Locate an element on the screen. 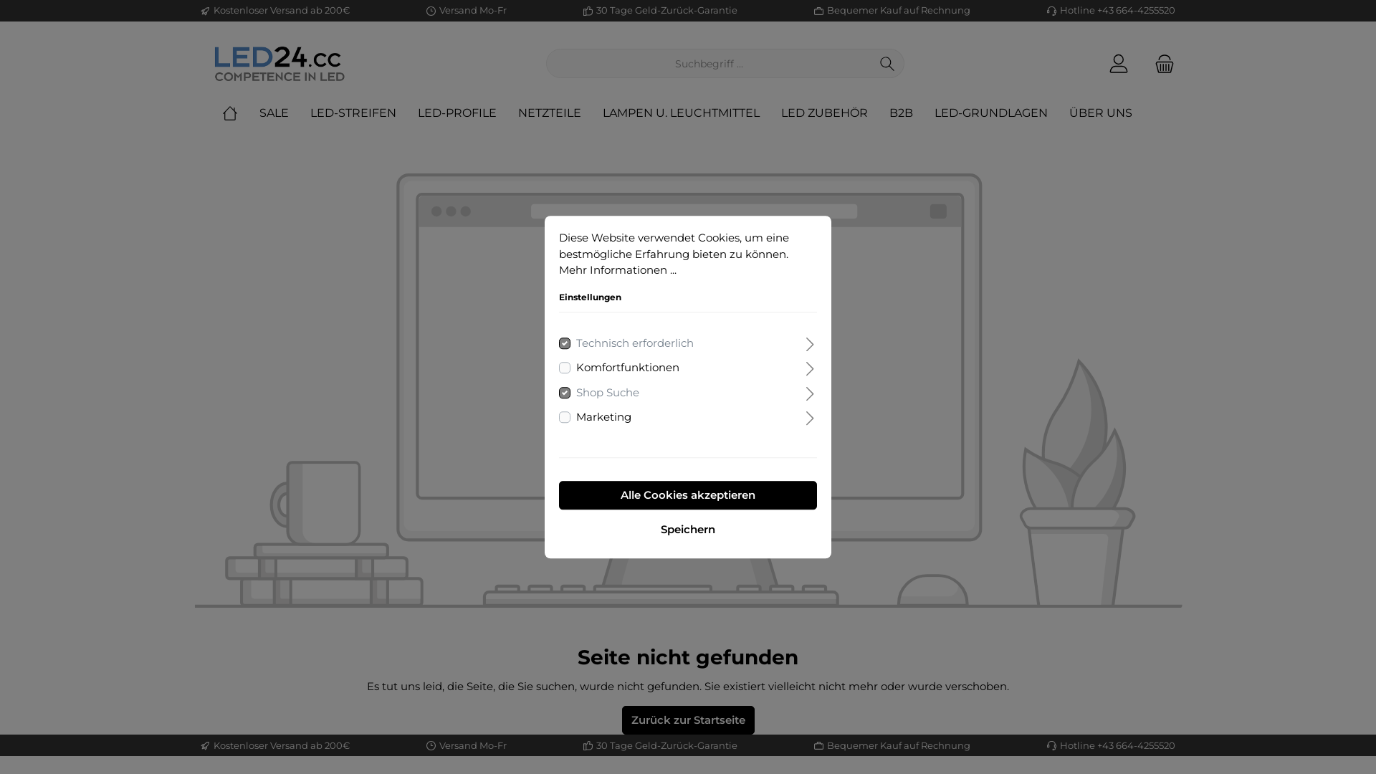 This screenshot has height=774, width=1376. 'Home' is located at coordinates (241, 113).